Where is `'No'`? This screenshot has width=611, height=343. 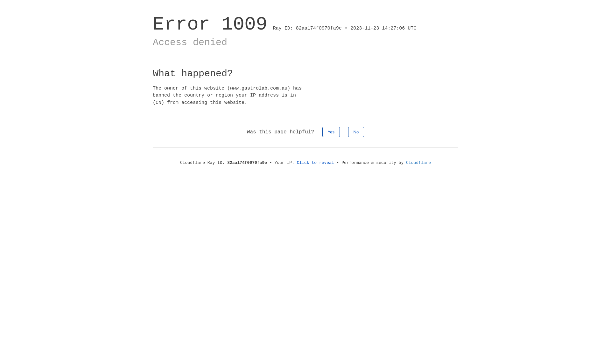
'No' is located at coordinates (348, 131).